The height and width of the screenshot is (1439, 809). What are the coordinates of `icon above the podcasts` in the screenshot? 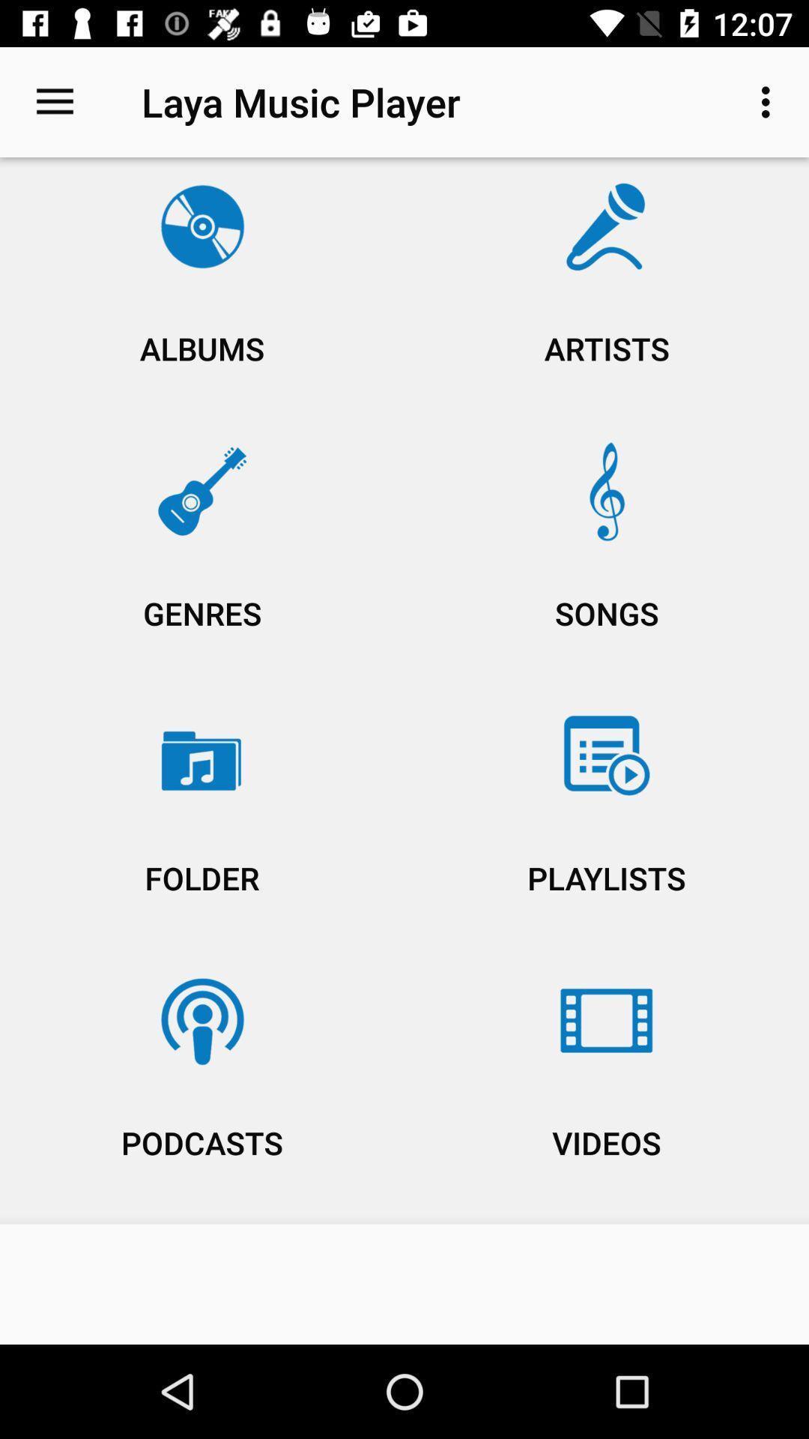 It's located at (202, 822).